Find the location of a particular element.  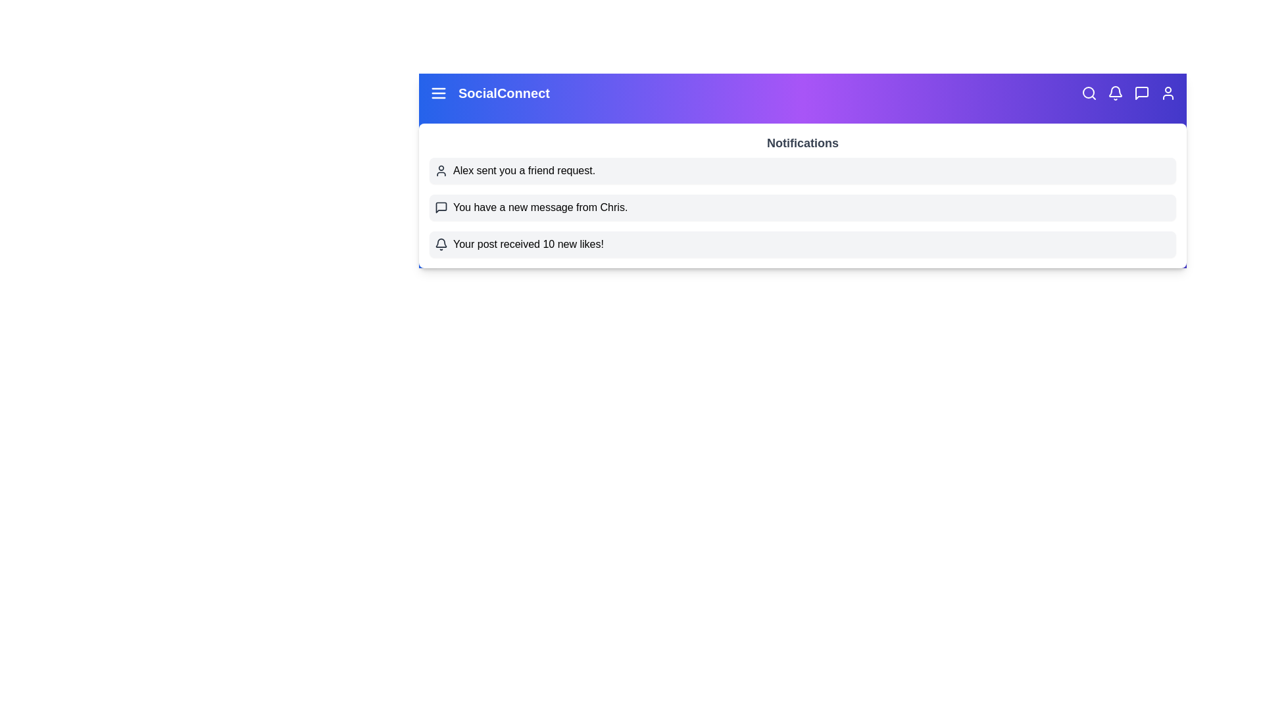

the bell icon to toggle the notifications panel is located at coordinates (1114, 93).